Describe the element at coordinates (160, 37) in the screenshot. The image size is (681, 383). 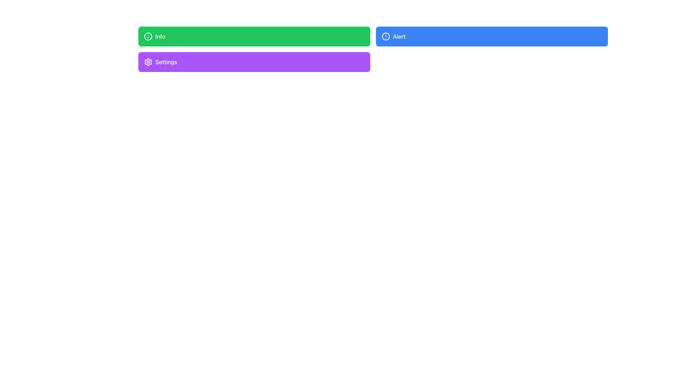
I see `text from the label displaying 'Info' in white font on a green background, located to the right of the circular 'i' icon` at that location.